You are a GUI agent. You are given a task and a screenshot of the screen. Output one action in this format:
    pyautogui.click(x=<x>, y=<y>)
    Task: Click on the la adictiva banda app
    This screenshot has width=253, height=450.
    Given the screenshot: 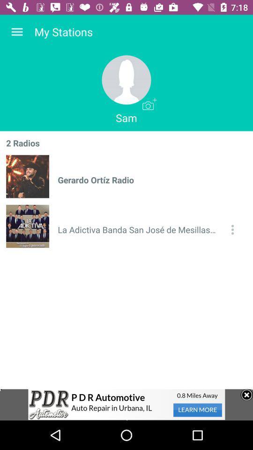 What is the action you would take?
    pyautogui.click(x=138, y=229)
    